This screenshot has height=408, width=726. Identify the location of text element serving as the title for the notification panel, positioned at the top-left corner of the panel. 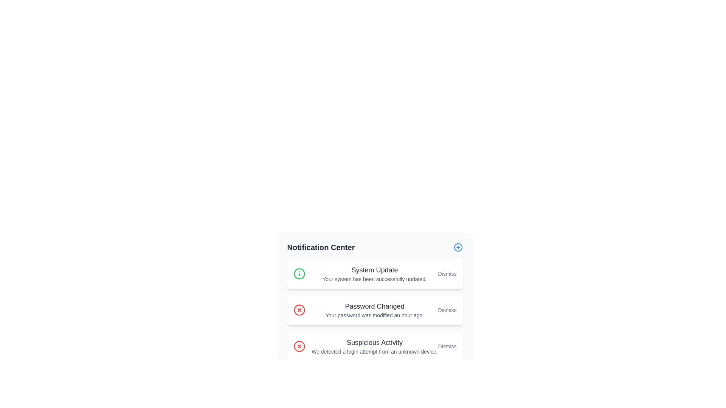
(321, 247).